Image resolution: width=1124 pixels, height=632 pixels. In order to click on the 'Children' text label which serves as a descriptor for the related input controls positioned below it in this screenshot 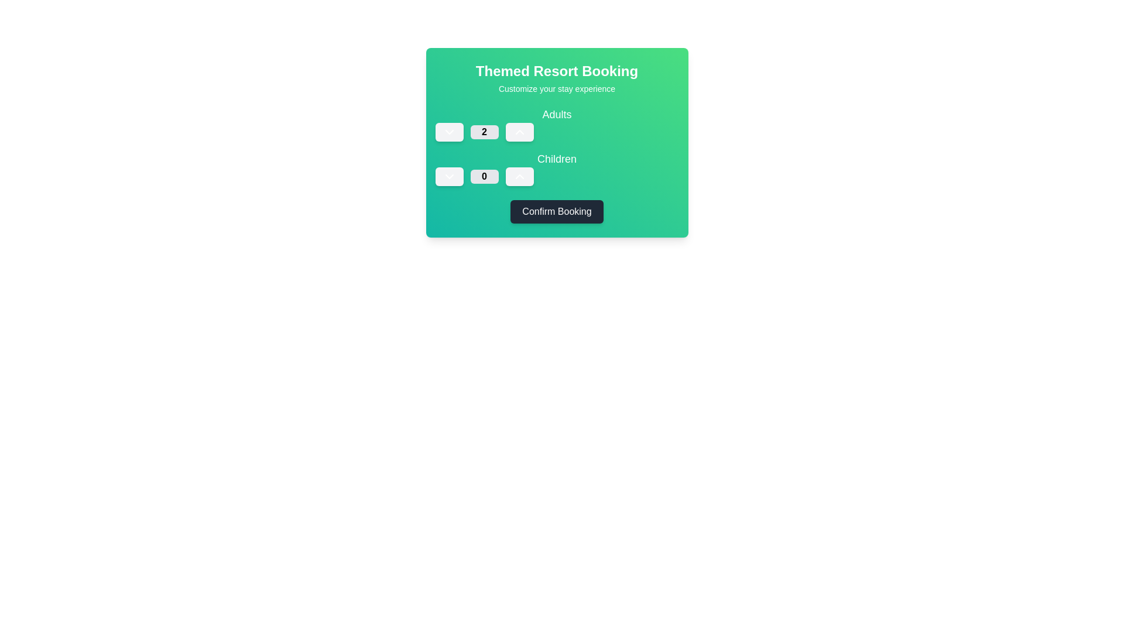, I will do `click(556, 159)`.